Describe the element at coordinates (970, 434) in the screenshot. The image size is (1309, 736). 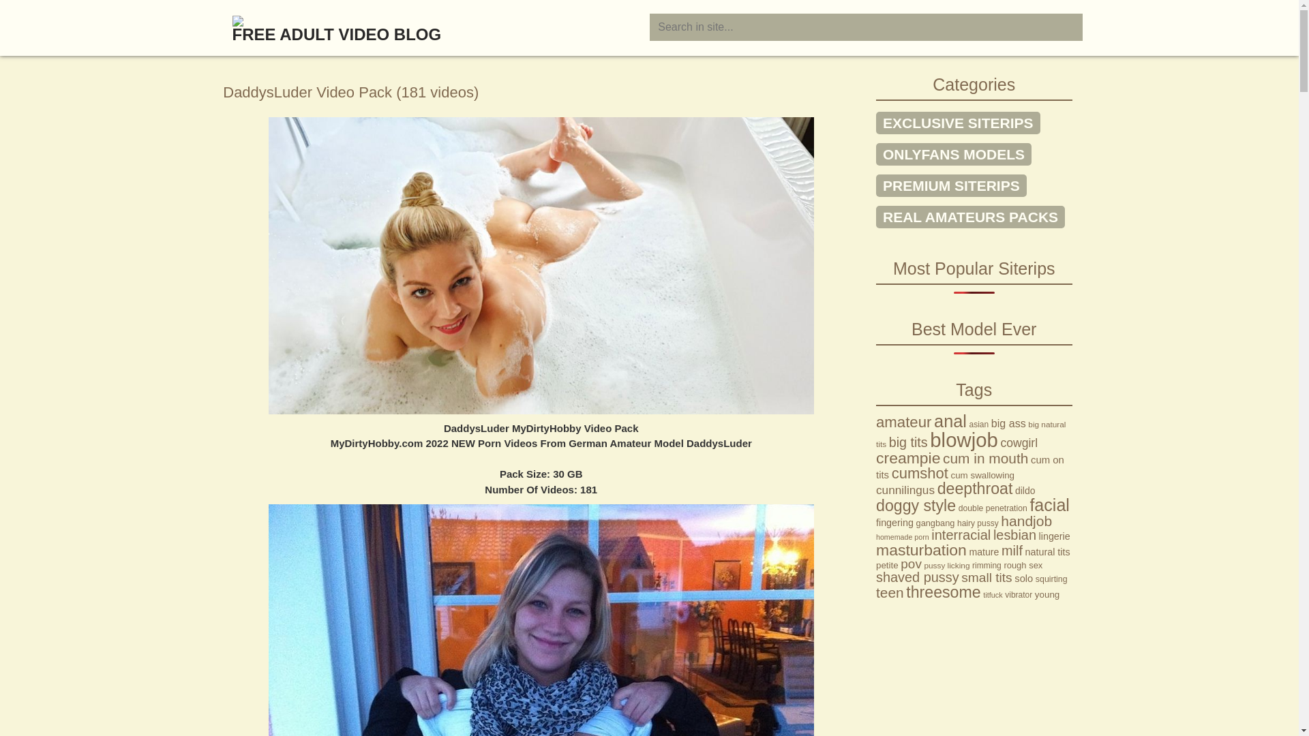
I see `'big natural tits'` at that location.